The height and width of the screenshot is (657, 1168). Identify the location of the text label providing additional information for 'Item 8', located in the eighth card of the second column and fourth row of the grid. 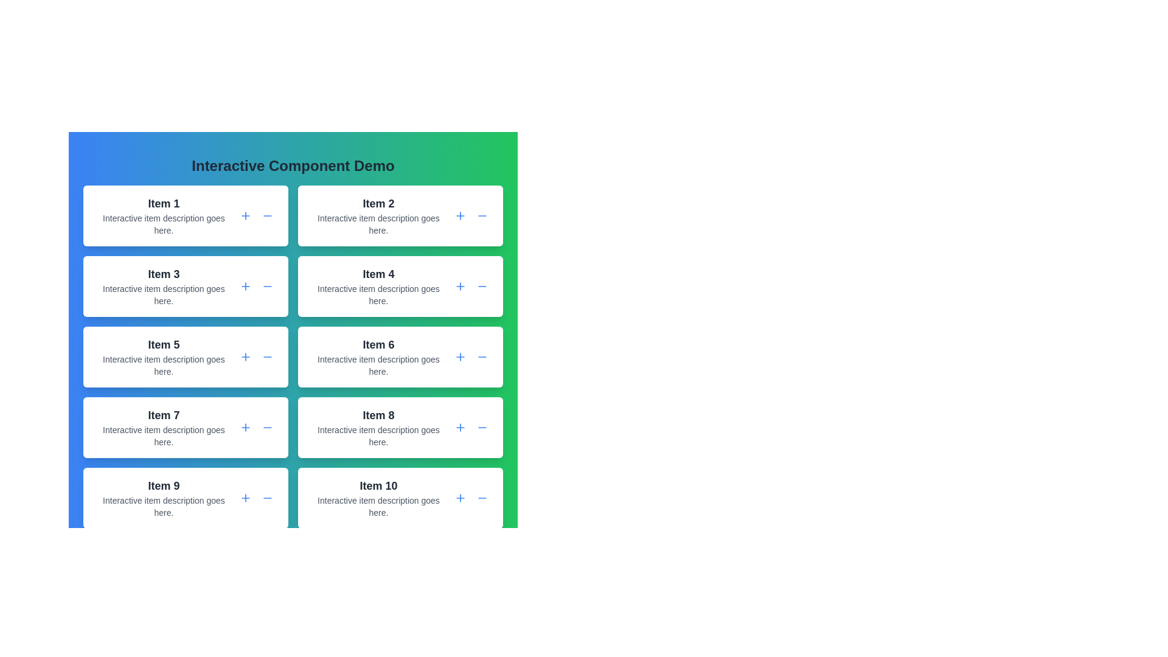
(378, 436).